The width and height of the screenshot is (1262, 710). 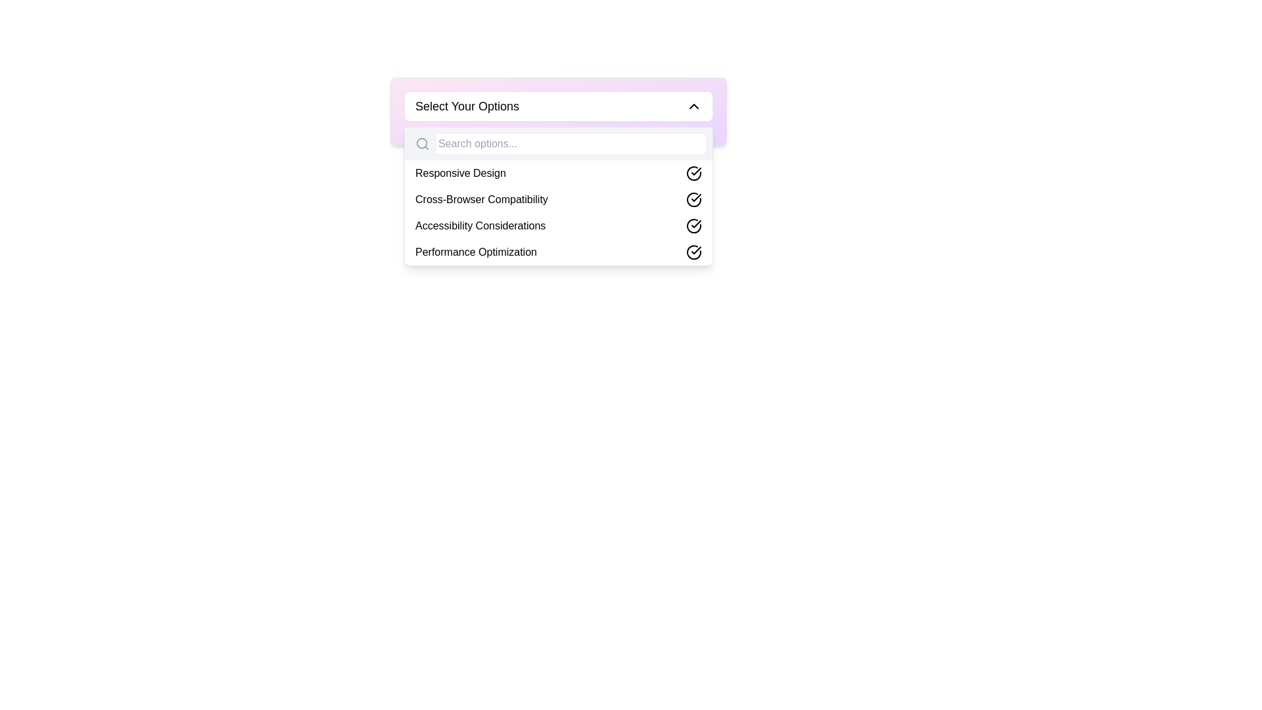 What do you see at coordinates (558, 200) in the screenshot?
I see `the 'Cross-Browser Compatibility' dropdown menu option` at bounding box center [558, 200].